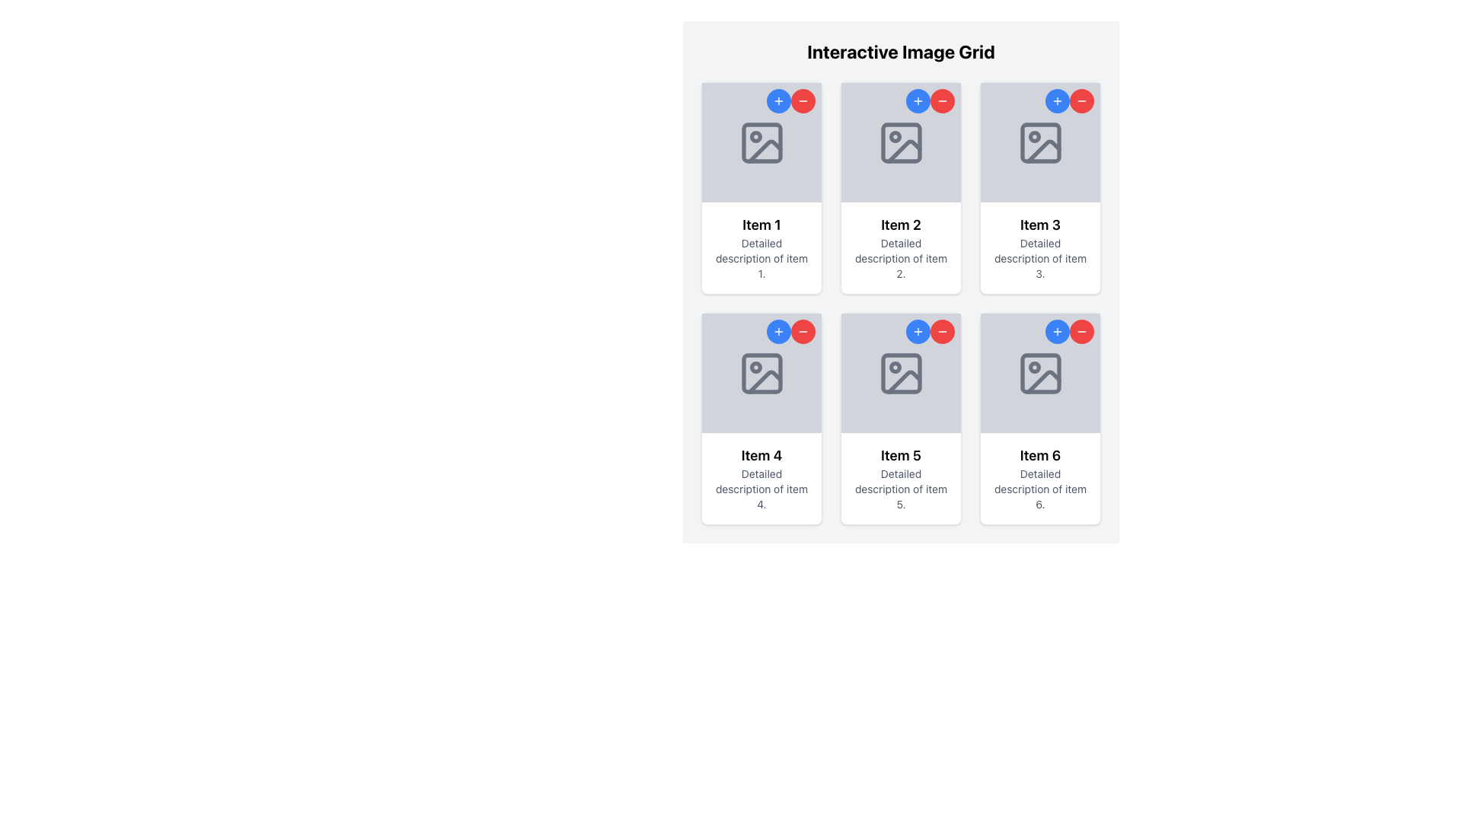 The height and width of the screenshot is (822, 1462). I want to click on the decorative SVG rectangle element that serves as the background of the image icon in 'Item 3' card, so click(1039, 142).